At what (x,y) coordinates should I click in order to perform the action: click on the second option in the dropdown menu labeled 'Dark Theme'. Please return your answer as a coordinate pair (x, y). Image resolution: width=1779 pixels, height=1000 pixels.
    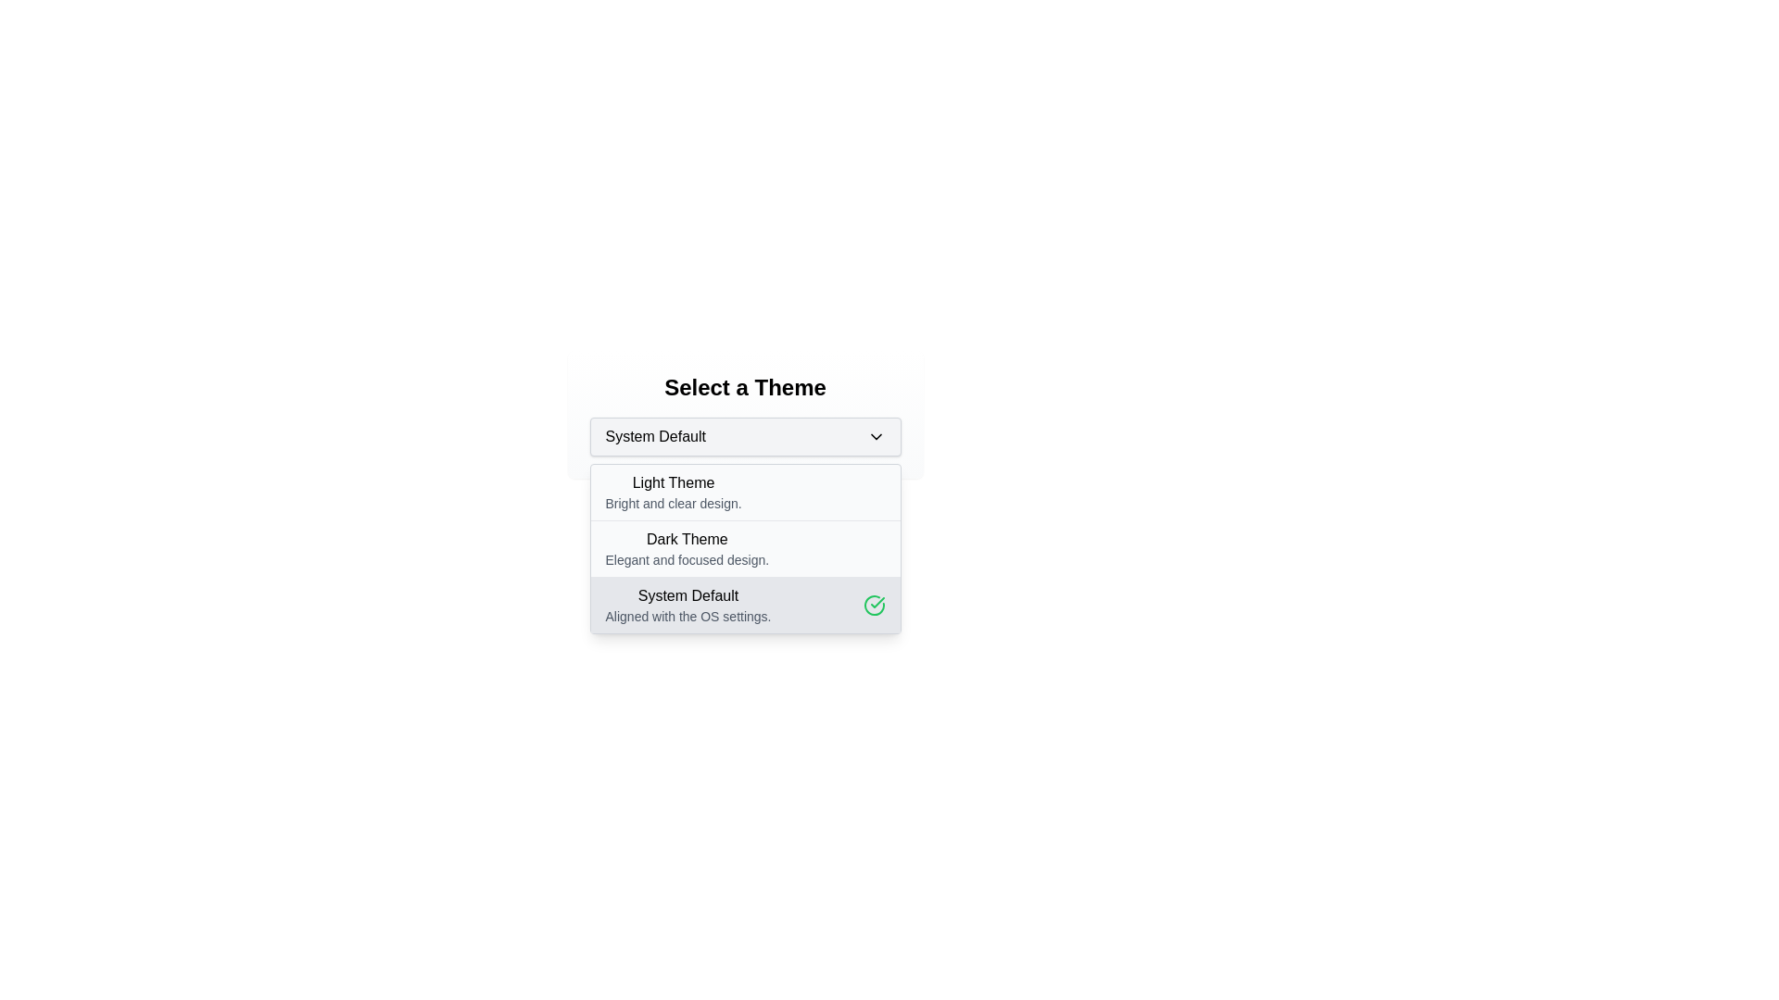
    Looking at the image, I should click on (745, 548).